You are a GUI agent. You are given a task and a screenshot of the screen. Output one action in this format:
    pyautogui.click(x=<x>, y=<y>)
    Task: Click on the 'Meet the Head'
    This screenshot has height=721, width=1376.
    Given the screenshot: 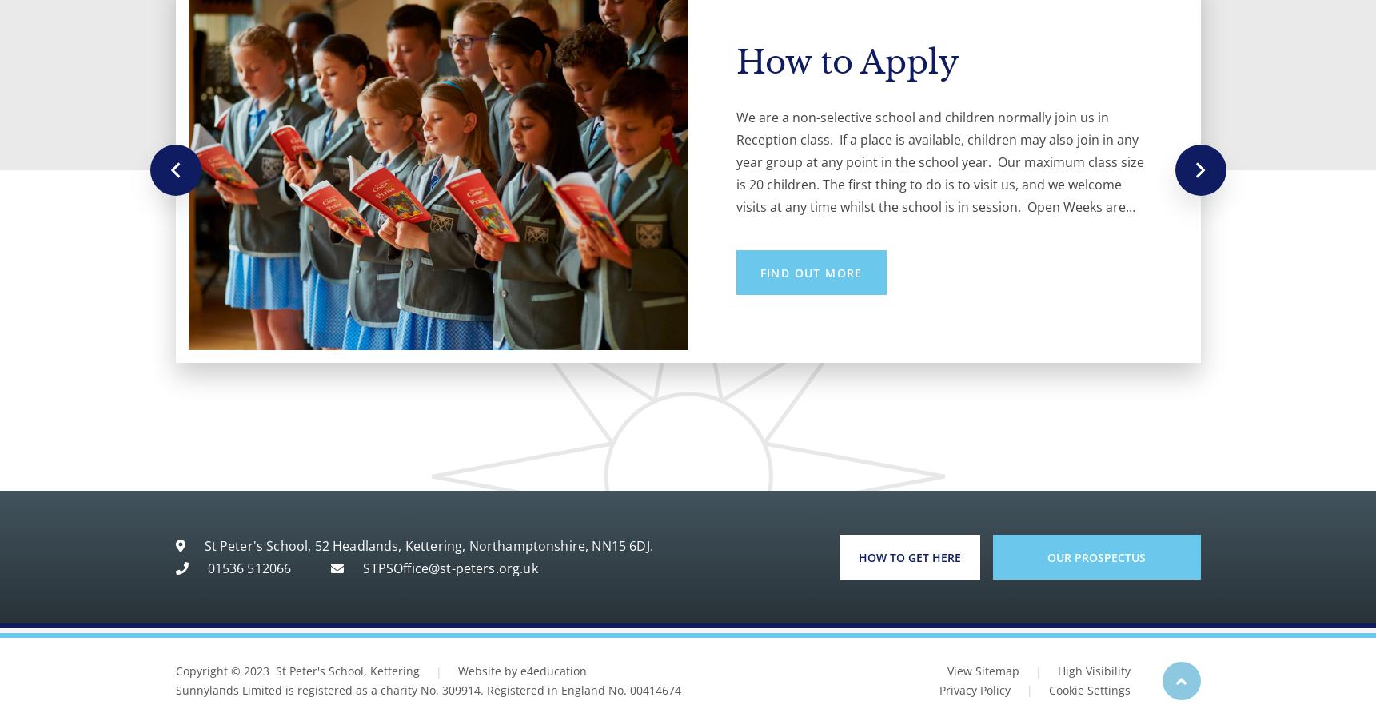 What is the action you would take?
    pyautogui.click(x=811, y=271)
    